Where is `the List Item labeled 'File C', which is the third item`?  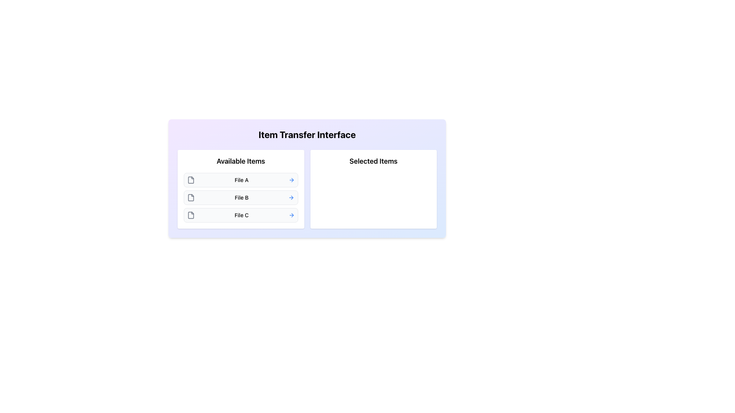 the List Item labeled 'File C', which is the third item is located at coordinates (240, 215).